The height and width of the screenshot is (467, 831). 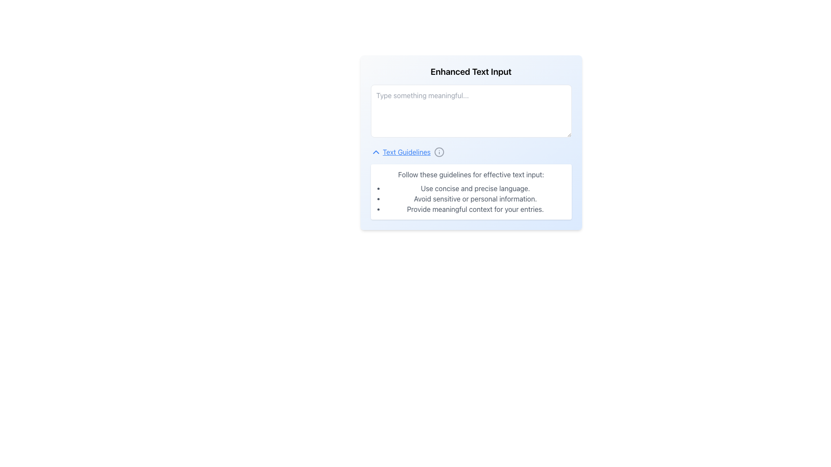 What do you see at coordinates (470, 191) in the screenshot?
I see `guidelines from the Information Panel, which has a white background, rounded corners, and contains a header 'Follow these guidelines for effective text input:' with a bullet-point list beneath it` at bounding box center [470, 191].